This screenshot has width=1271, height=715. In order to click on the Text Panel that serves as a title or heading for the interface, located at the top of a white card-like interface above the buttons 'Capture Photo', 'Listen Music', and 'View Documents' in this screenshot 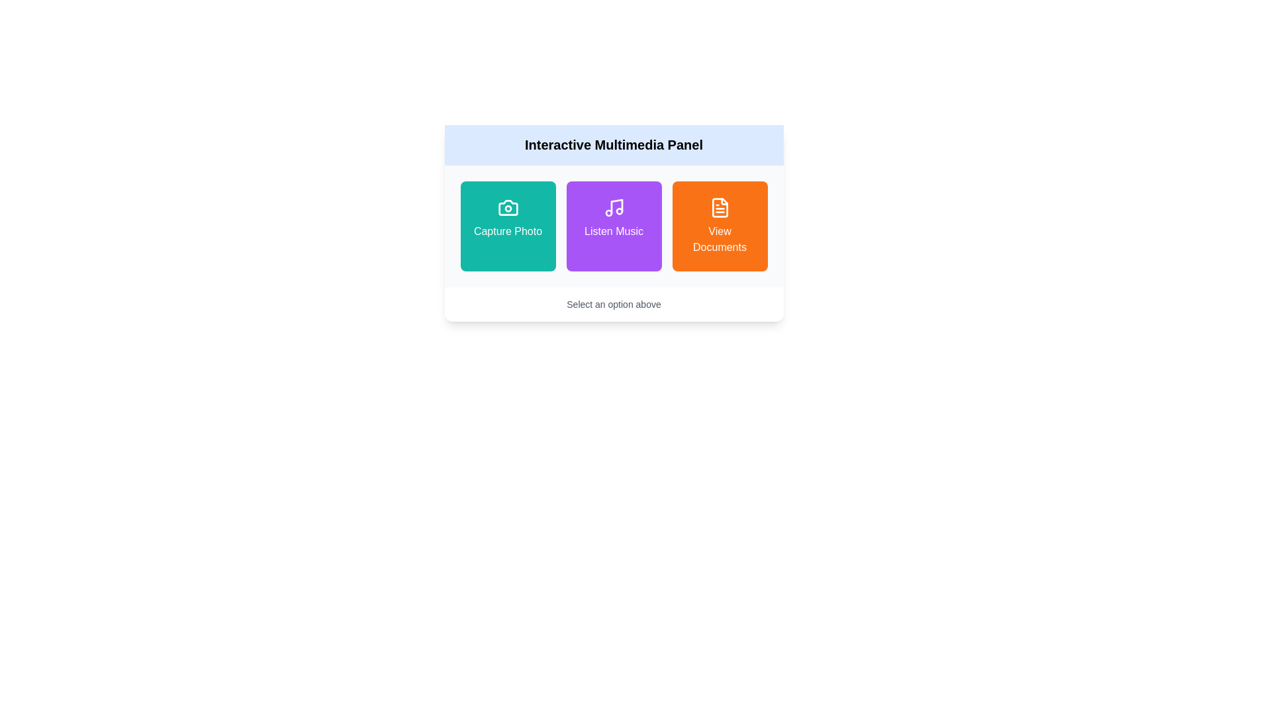, I will do `click(613, 145)`.